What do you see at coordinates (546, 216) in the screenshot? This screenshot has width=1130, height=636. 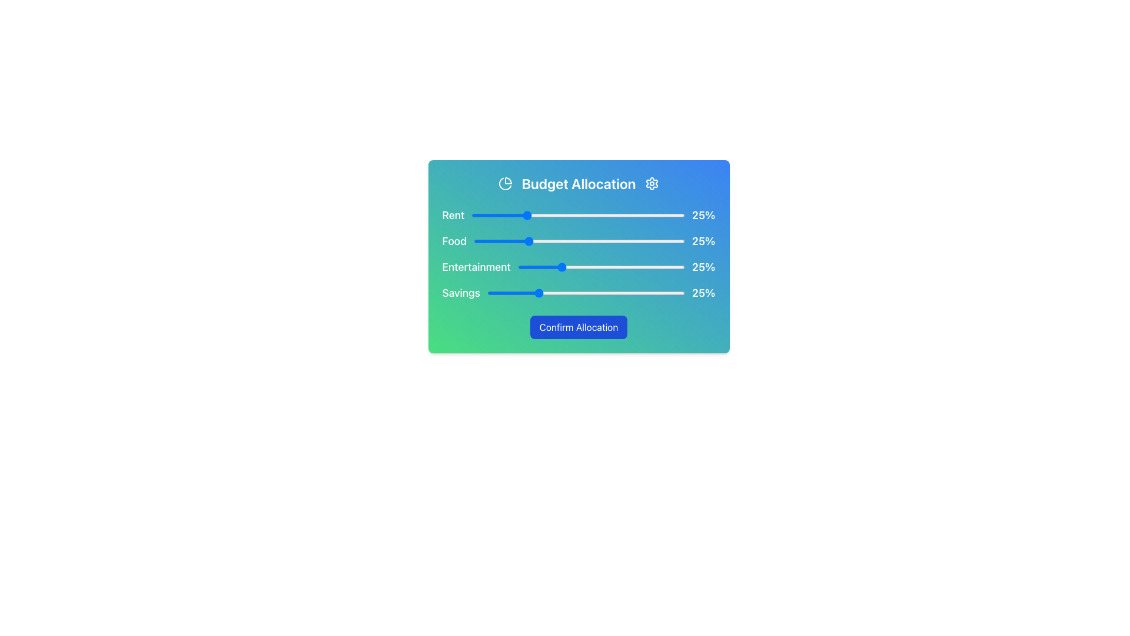 I see `the 'Rent' allocation slider` at bounding box center [546, 216].